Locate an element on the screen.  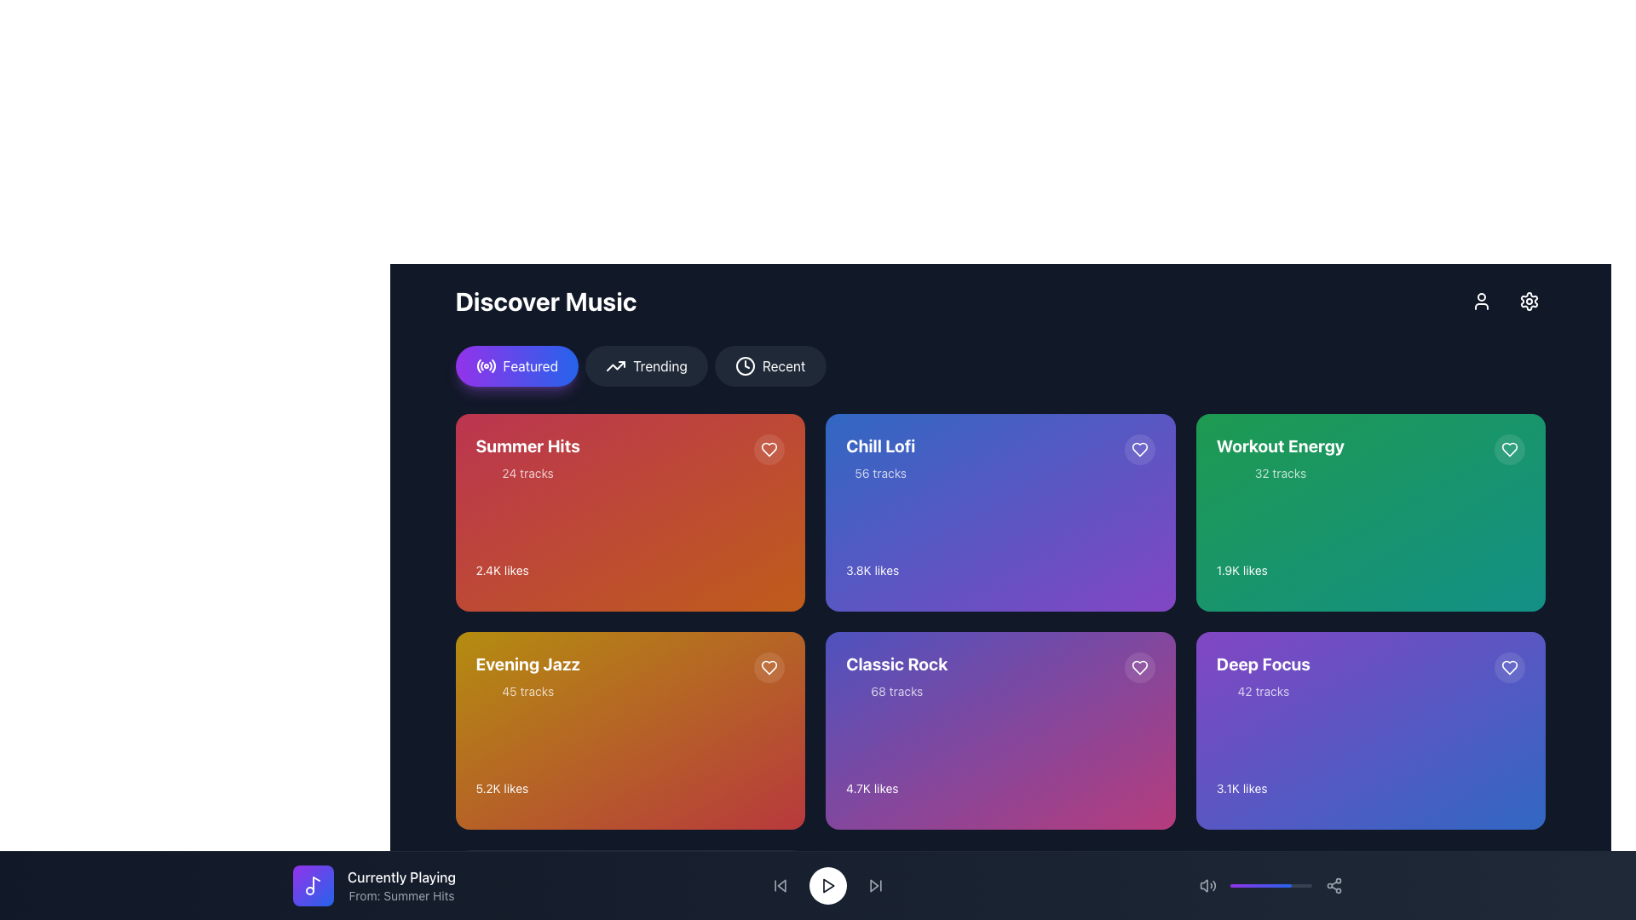
the gear-like settings icon located near the upper-right corner of the interface is located at coordinates (1529, 301).